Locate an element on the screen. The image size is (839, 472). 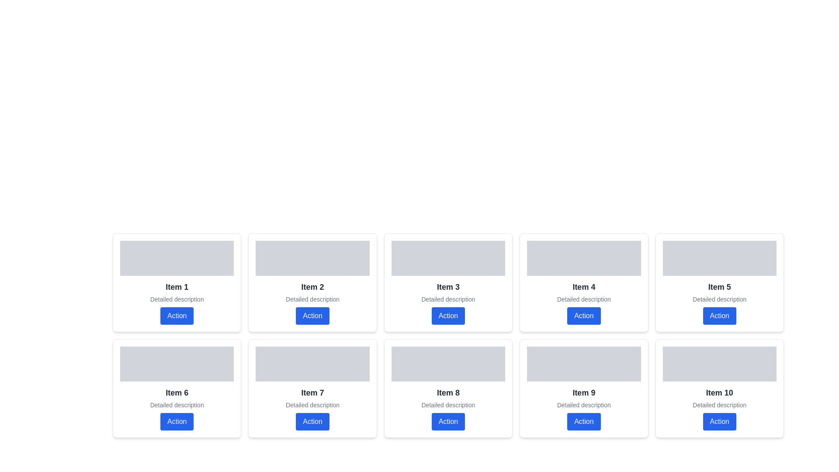
the rectangular placeholder with a light gray background located at the top of the card labeled 'Item 1' is located at coordinates (177, 257).